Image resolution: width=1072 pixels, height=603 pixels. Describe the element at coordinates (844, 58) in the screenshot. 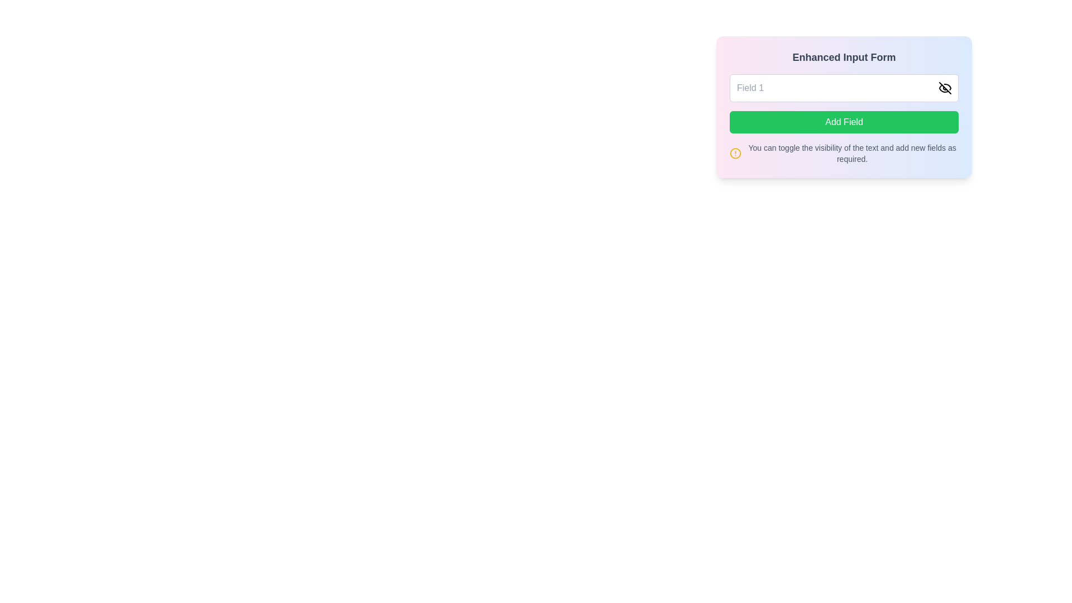

I see `the Text Label that serves as a header for the associated form, providing context about the form's purpose` at that location.